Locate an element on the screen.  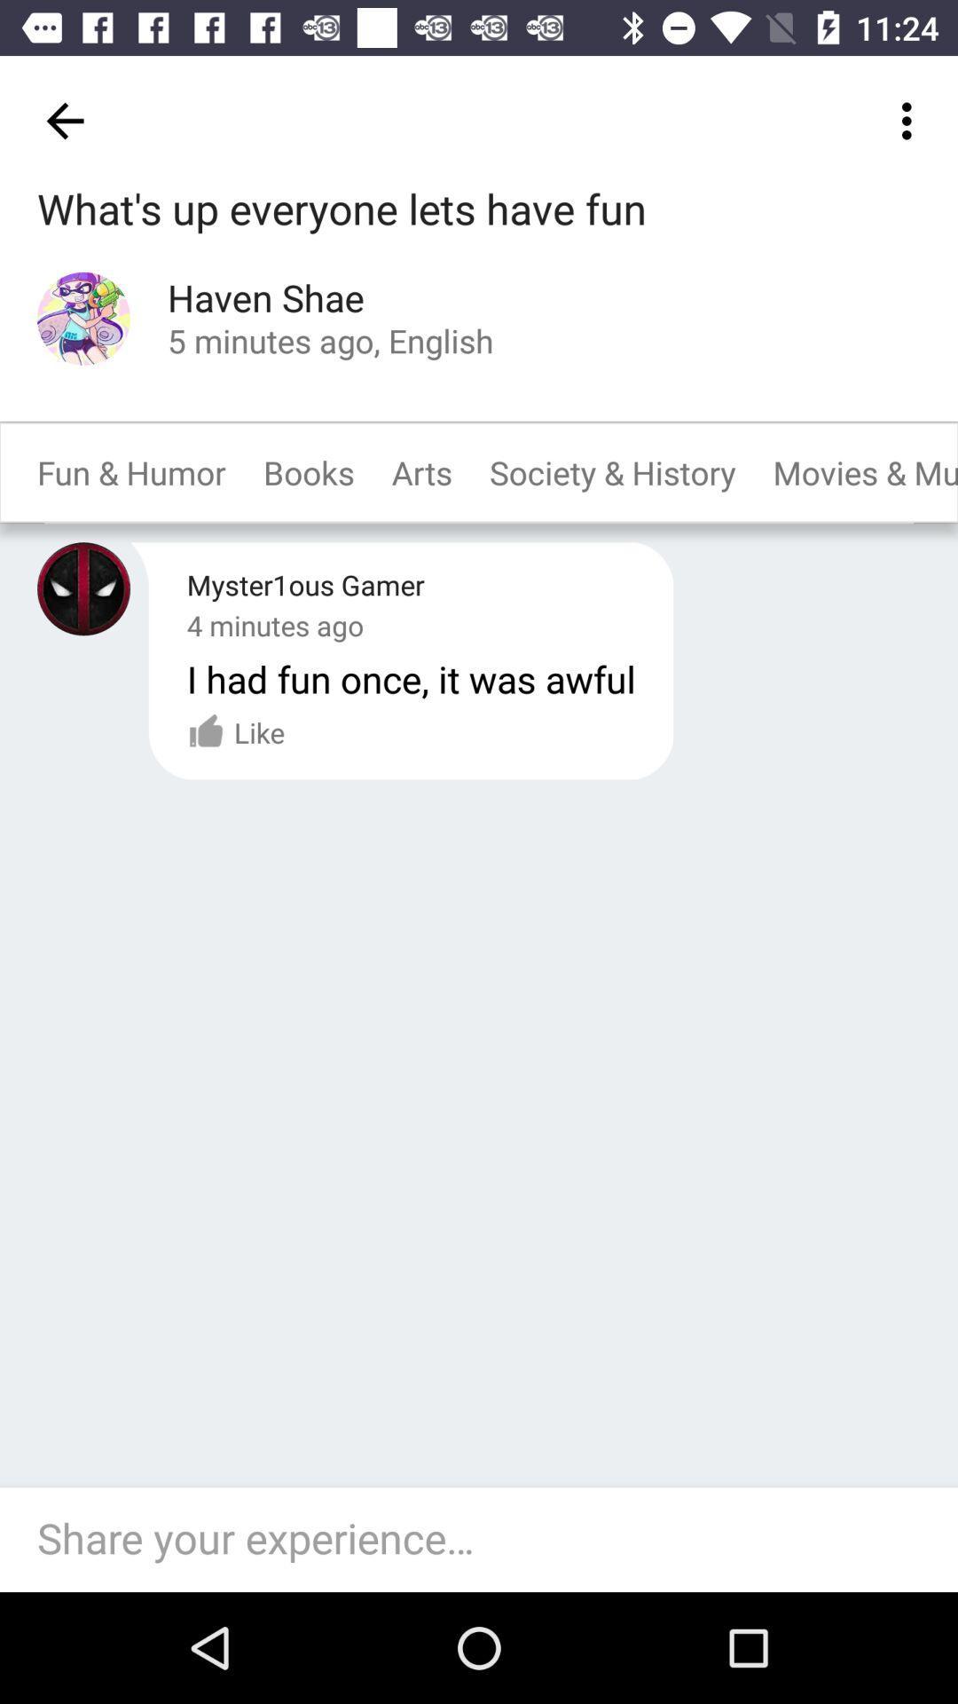
profile icon is located at coordinates (83, 319).